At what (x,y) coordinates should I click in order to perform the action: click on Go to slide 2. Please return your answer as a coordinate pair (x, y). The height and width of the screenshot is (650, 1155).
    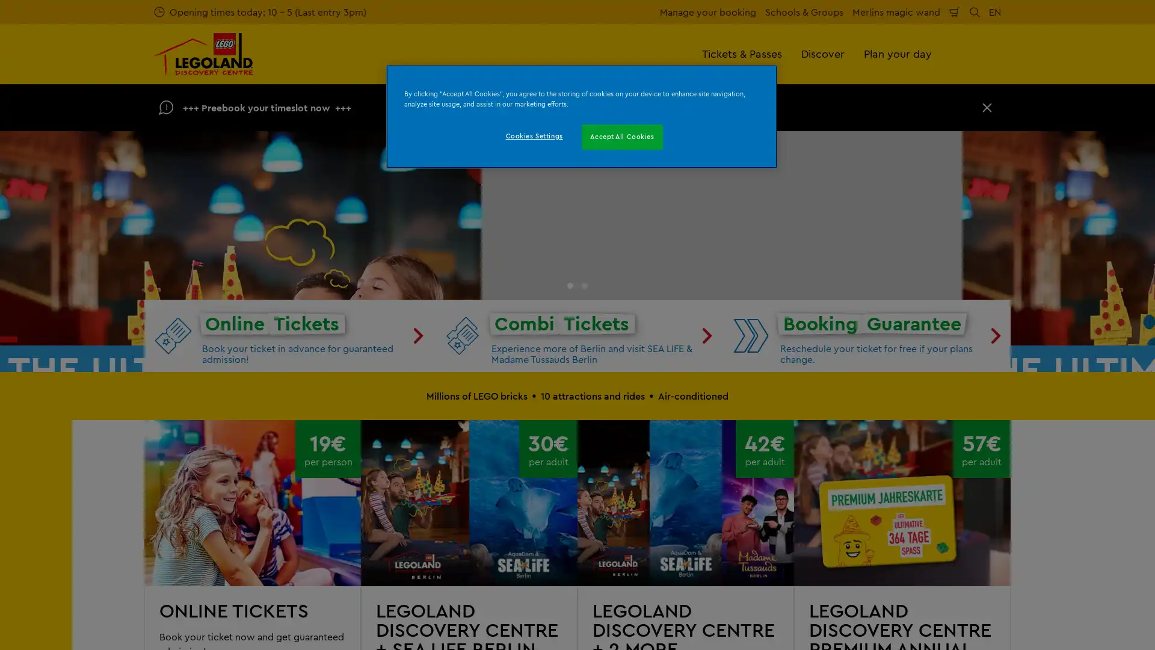
    Looking at the image, I should click on (584, 513).